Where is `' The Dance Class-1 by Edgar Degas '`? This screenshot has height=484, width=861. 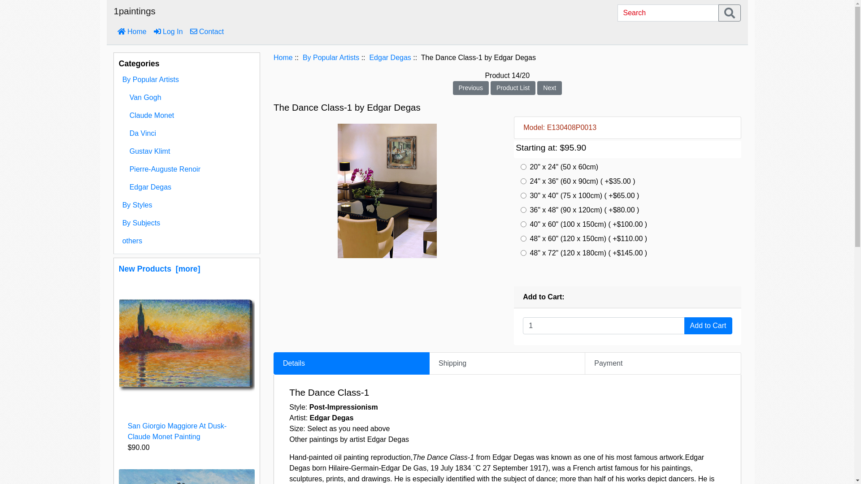
' The Dance Class-1 by Edgar Degas ' is located at coordinates (387, 190).